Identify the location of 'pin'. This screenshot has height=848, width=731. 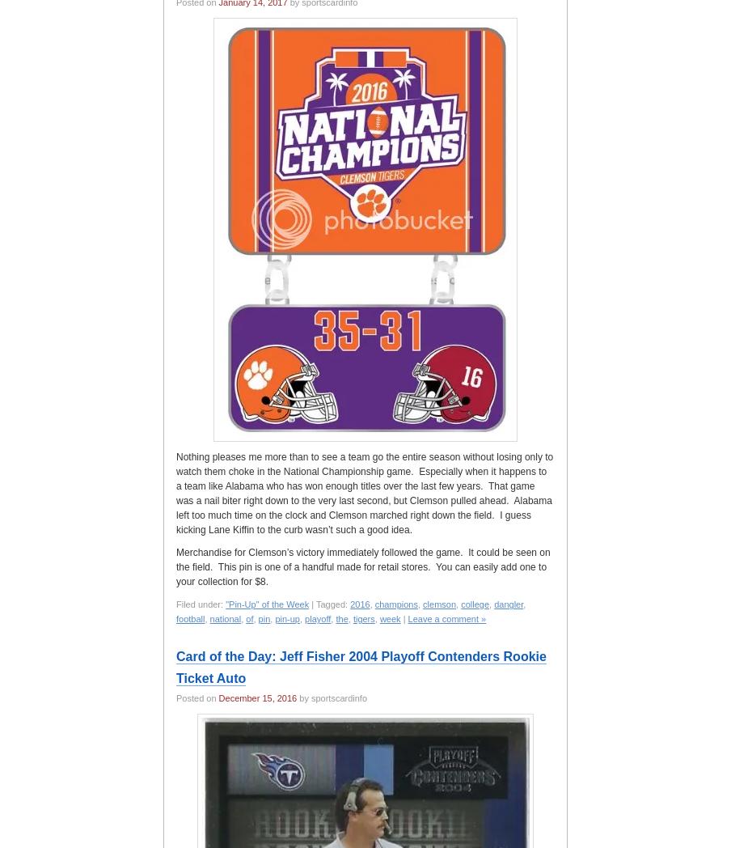
(264, 619).